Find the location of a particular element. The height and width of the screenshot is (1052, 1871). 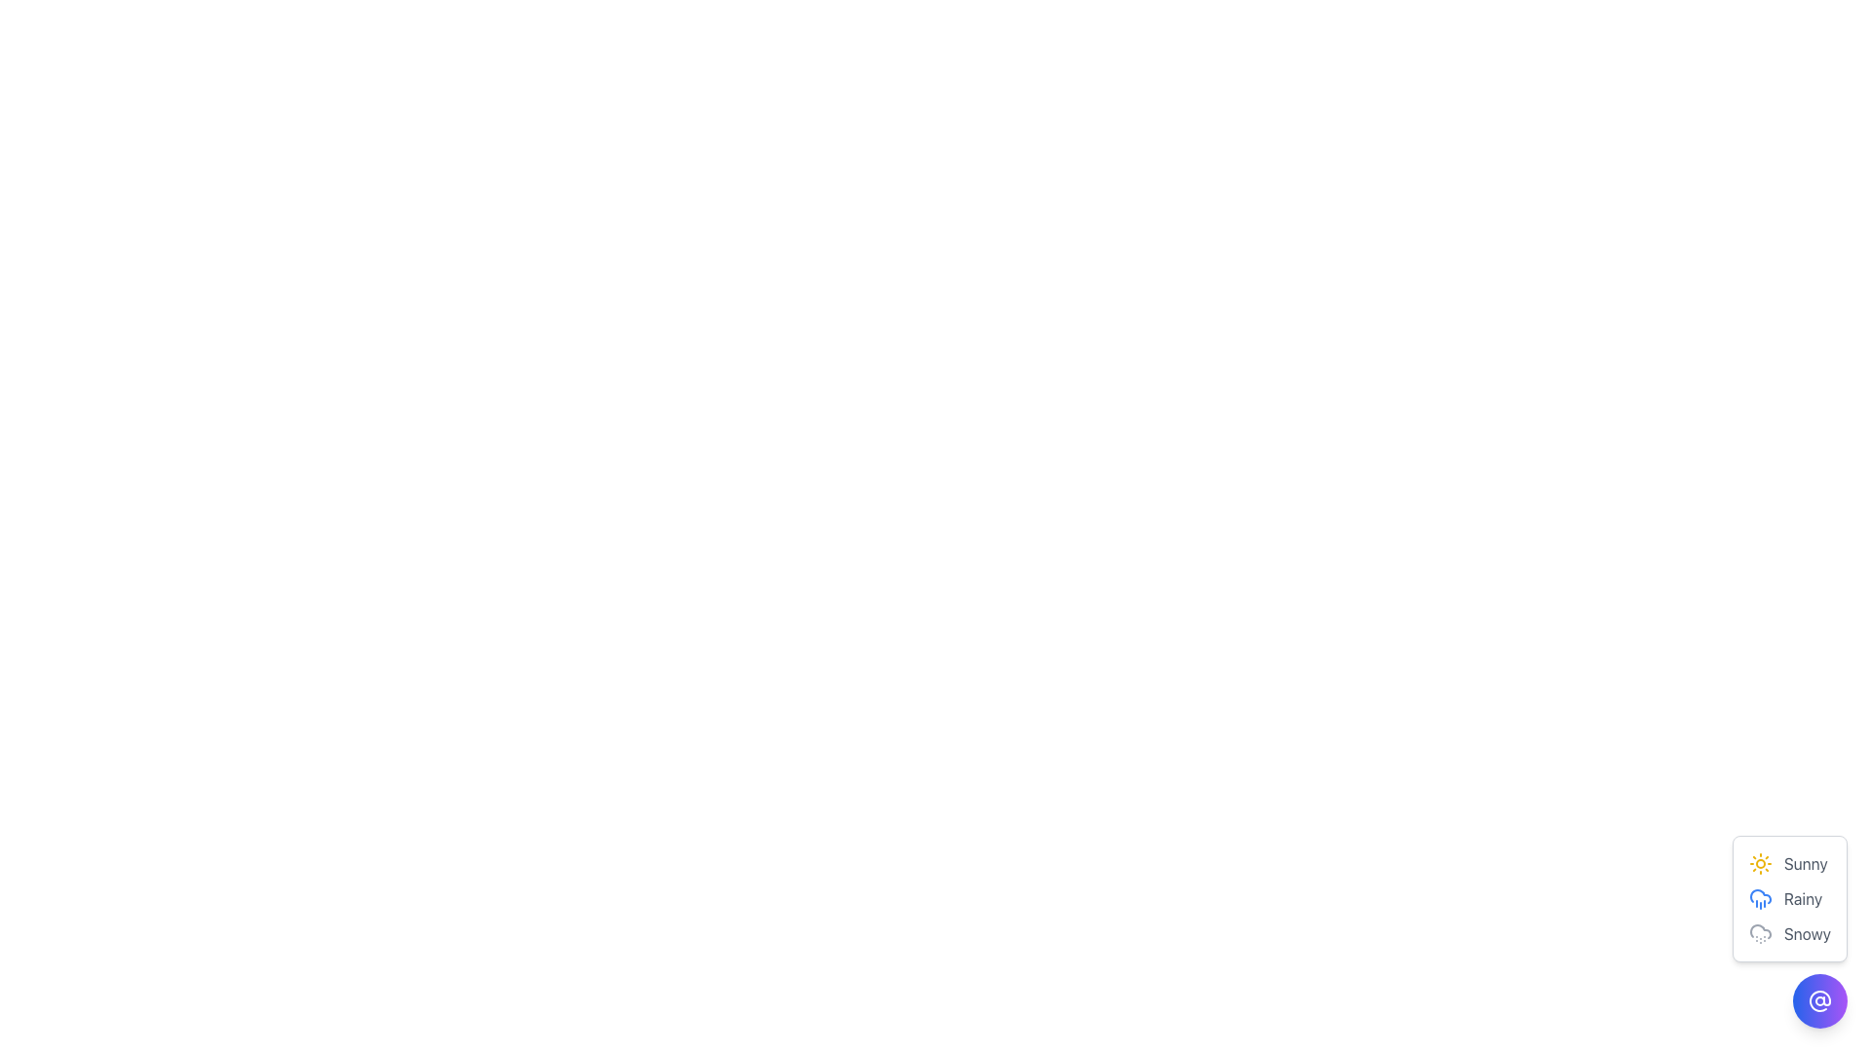

the sunny weather indicator is located at coordinates (1789, 863).